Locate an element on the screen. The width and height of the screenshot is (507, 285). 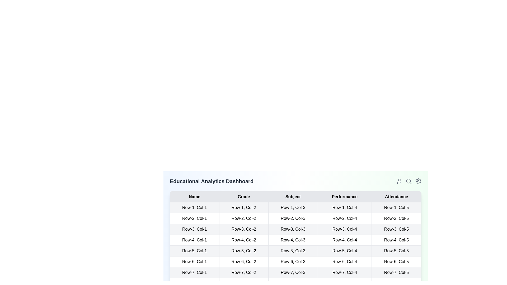
the column header Attendance to sort the table by that column is located at coordinates (396, 197).